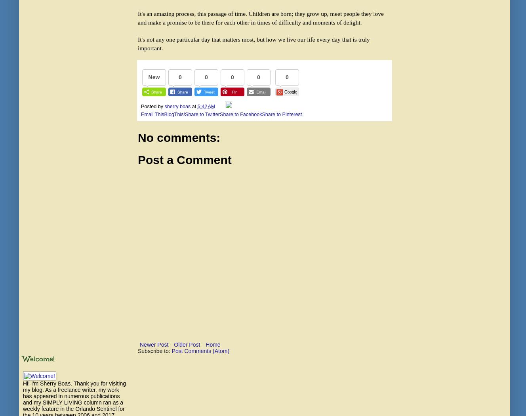  What do you see at coordinates (154, 350) in the screenshot?
I see `'Subscribe to:'` at bounding box center [154, 350].